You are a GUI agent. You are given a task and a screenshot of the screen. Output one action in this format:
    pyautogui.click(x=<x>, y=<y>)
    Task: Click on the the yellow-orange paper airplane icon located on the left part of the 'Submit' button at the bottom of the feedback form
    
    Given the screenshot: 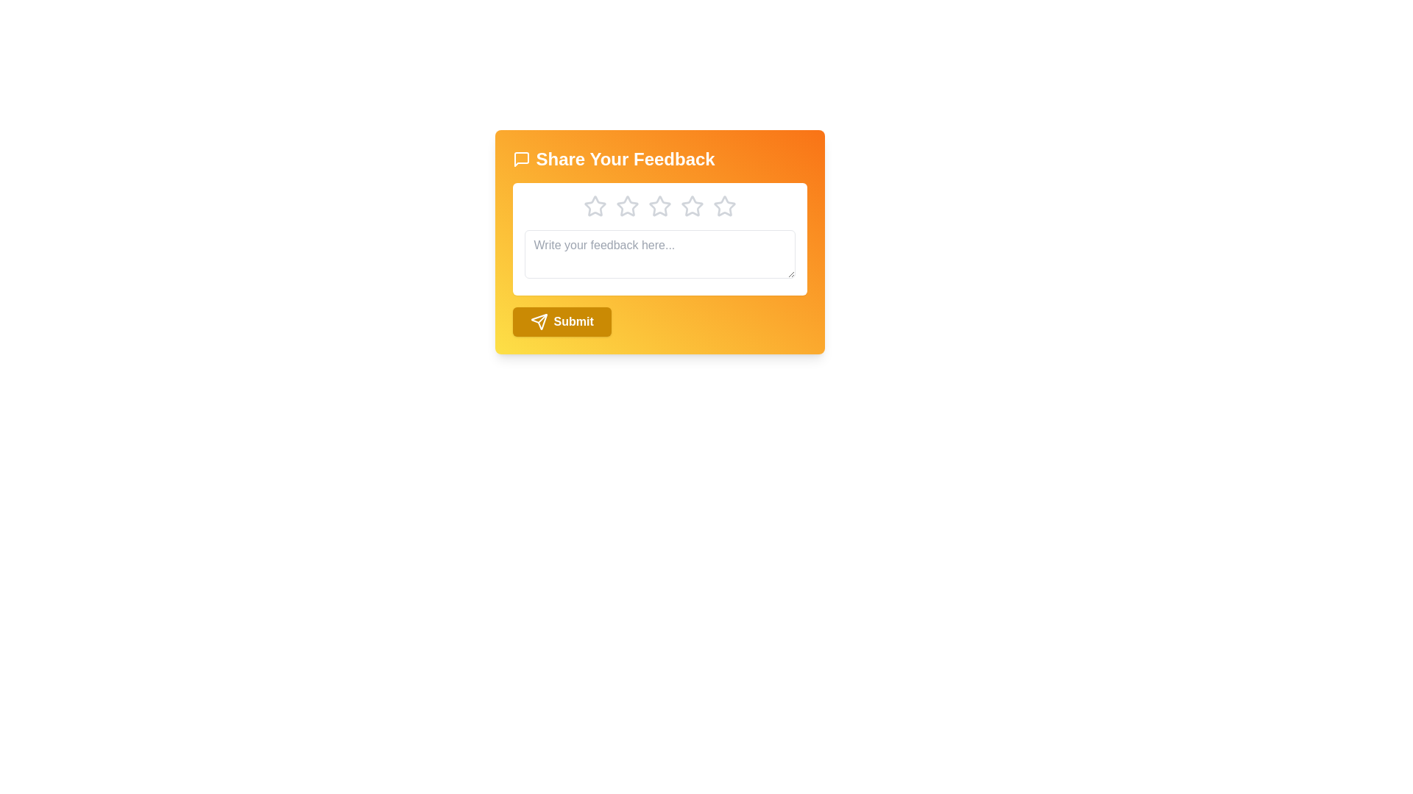 What is the action you would take?
    pyautogui.click(x=538, y=321)
    